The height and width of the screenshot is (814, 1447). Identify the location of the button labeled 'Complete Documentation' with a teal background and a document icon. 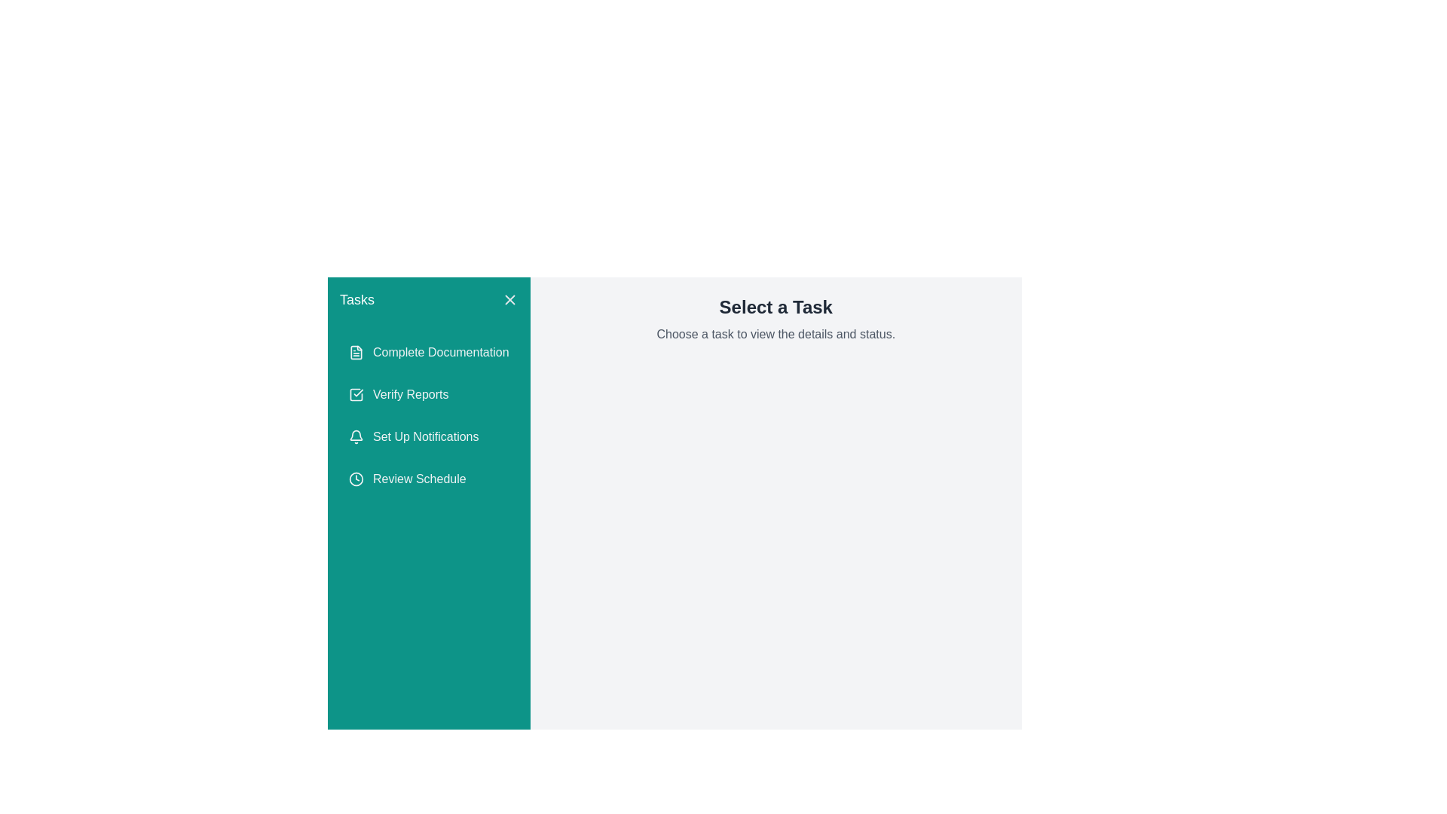
(428, 352).